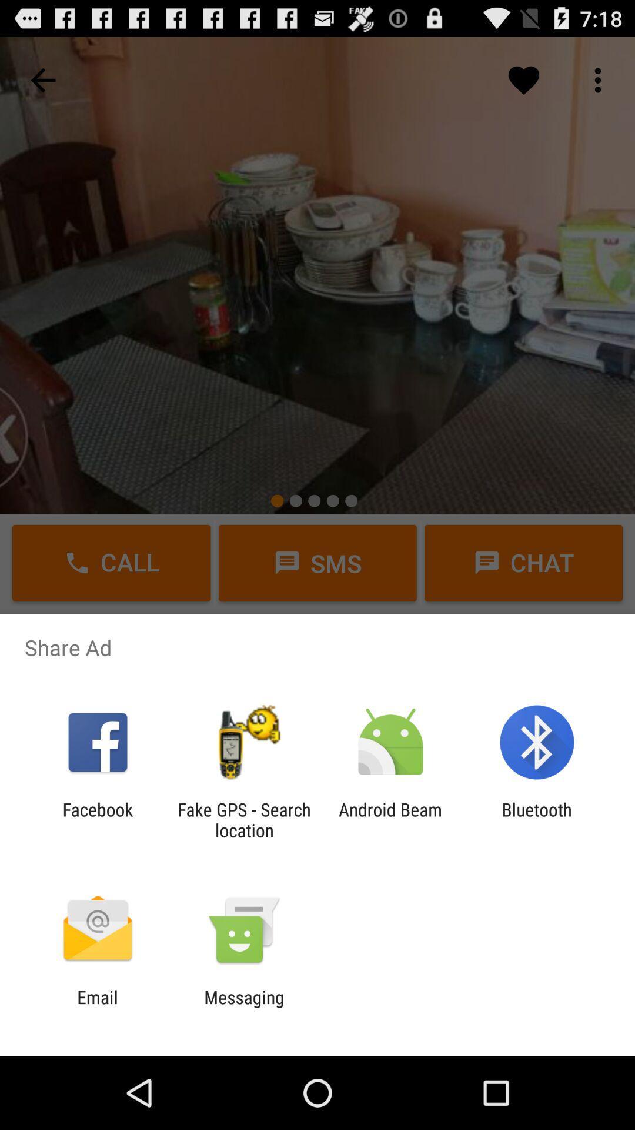 The width and height of the screenshot is (635, 1130). What do you see at coordinates (97, 819) in the screenshot?
I see `the facebook` at bounding box center [97, 819].